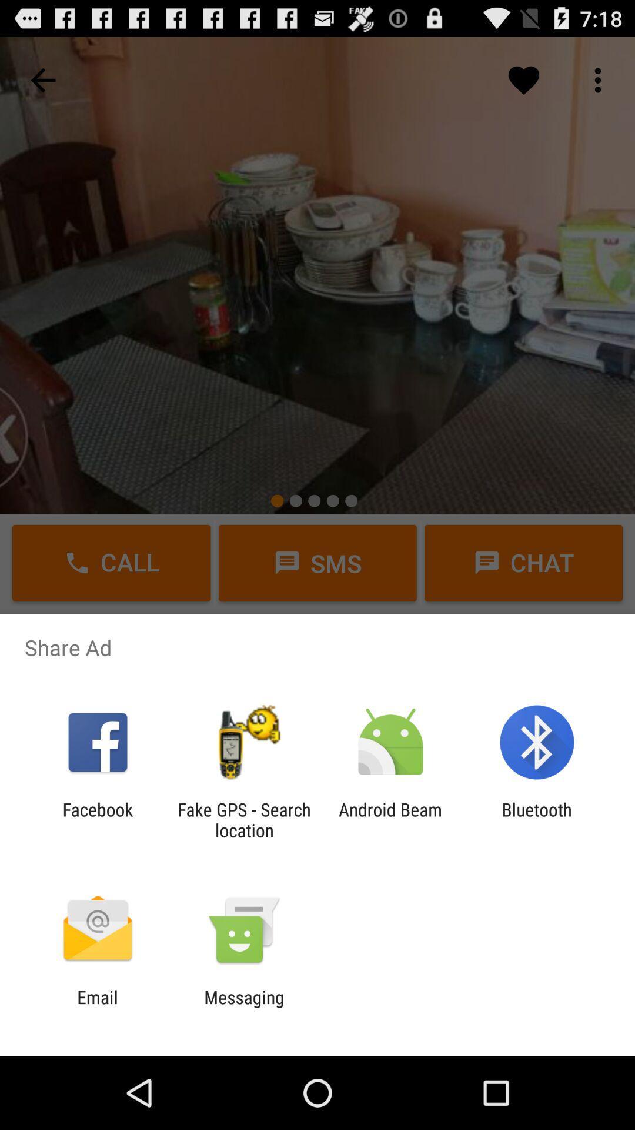 The width and height of the screenshot is (635, 1130). What do you see at coordinates (97, 819) in the screenshot?
I see `the facebook` at bounding box center [97, 819].